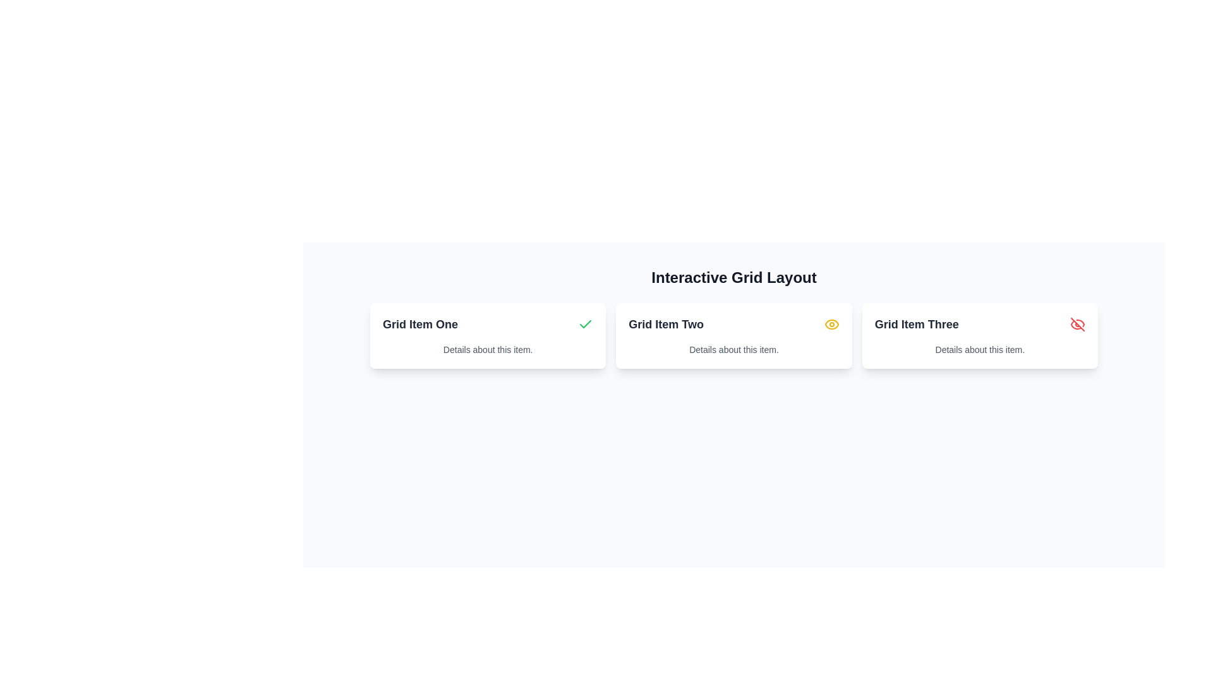  Describe the element at coordinates (733, 335) in the screenshot. I see `the Information card labeled 'Grid Item Two', which is the second item in a horizontally arranged grid layout` at that location.